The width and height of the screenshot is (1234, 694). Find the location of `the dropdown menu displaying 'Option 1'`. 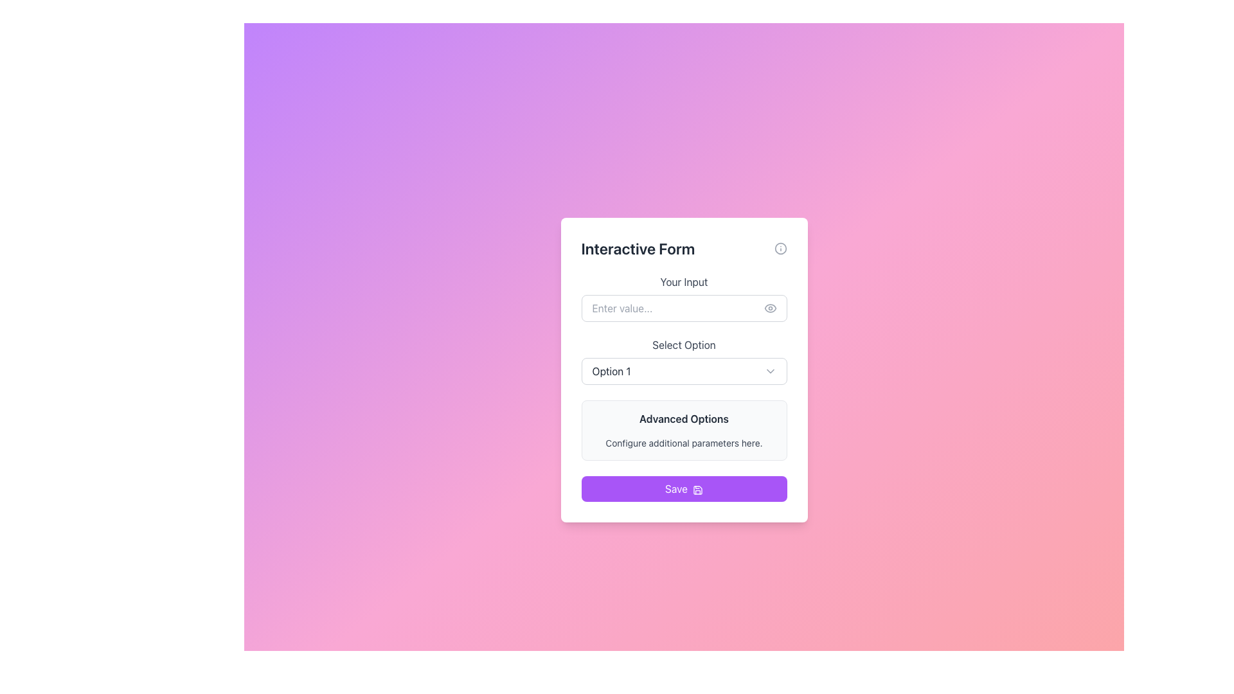

the dropdown menu displaying 'Option 1' is located at coordinates (683, 371).